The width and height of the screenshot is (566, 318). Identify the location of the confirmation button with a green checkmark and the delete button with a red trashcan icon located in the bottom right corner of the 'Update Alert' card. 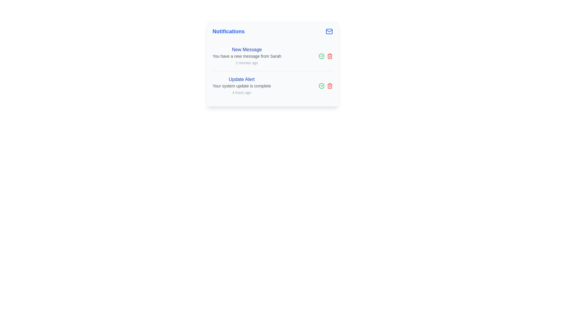
(325, 86).